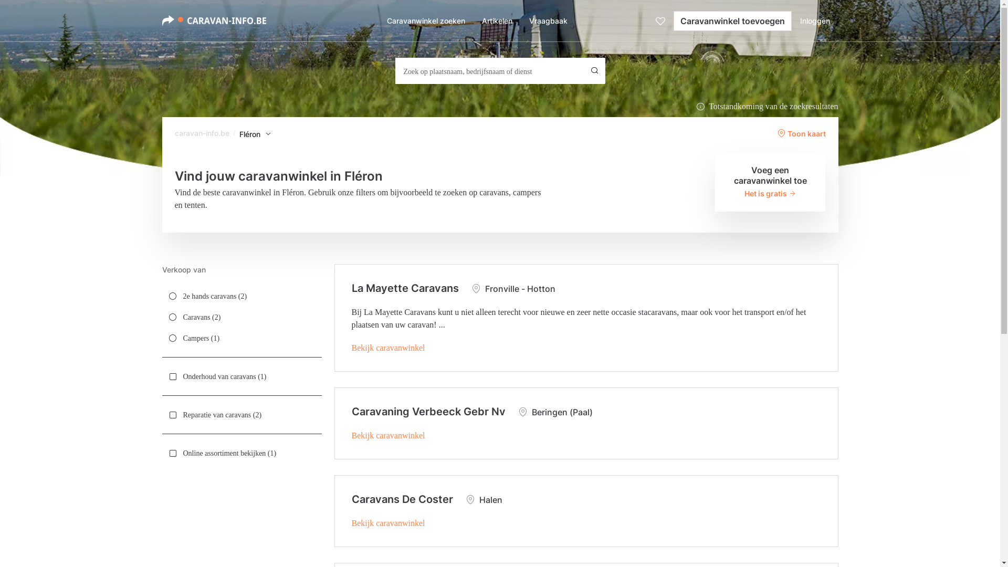 Image resolution: width=1008 pixels, height=567 pixels. I want to click on 'Reparatie van caravans (2)', so click(241, 414).